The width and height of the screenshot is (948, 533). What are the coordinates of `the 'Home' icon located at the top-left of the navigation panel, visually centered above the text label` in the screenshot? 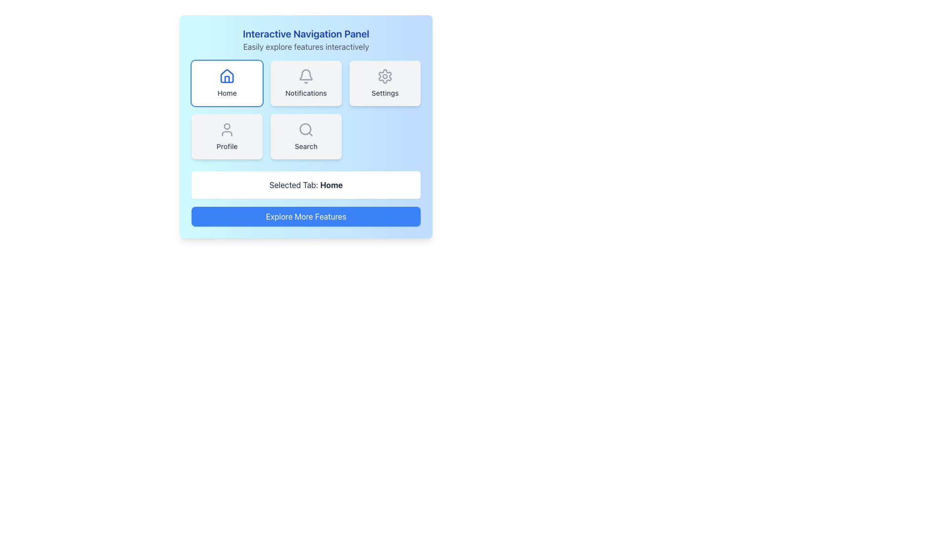 It's located at (227, 76).